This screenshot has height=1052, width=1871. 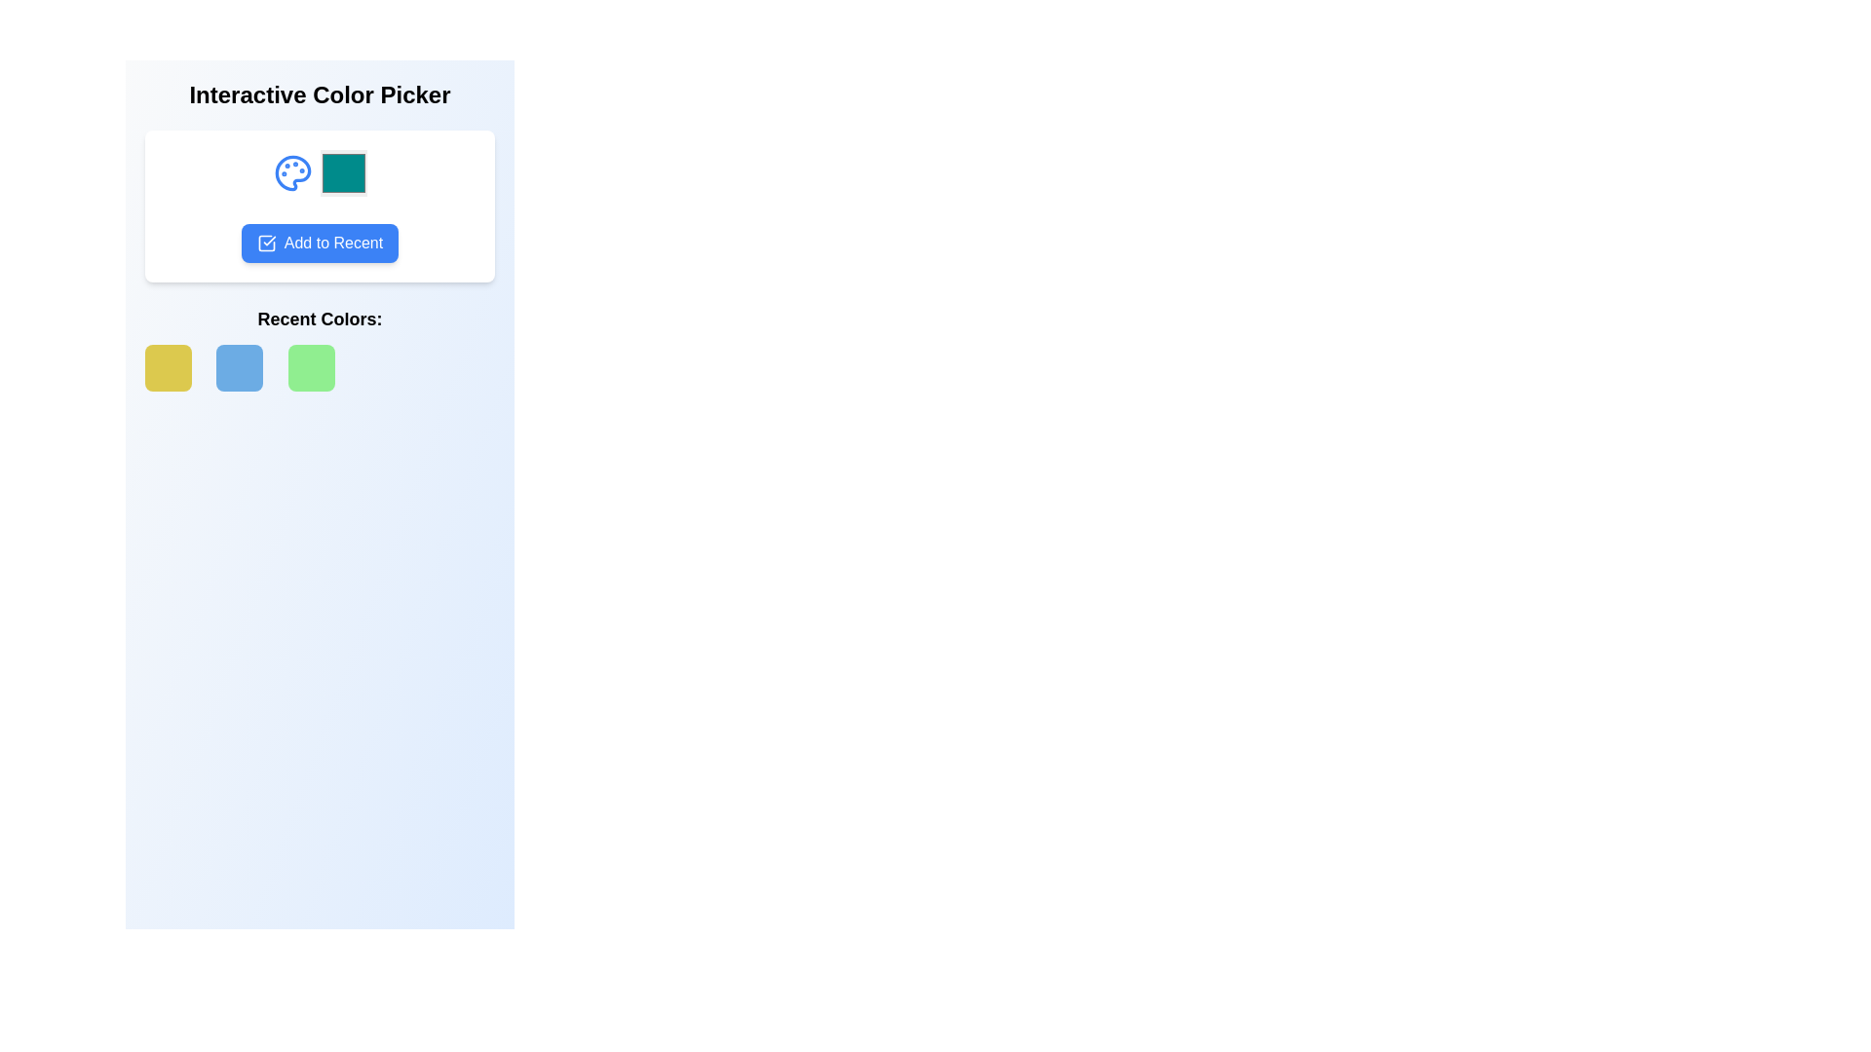 What do you see at coordinates (320, 243) in the screenshot?
I see `the blue 'Add to Recent' button with a checkmark icon` at bounding box center [320, 243].